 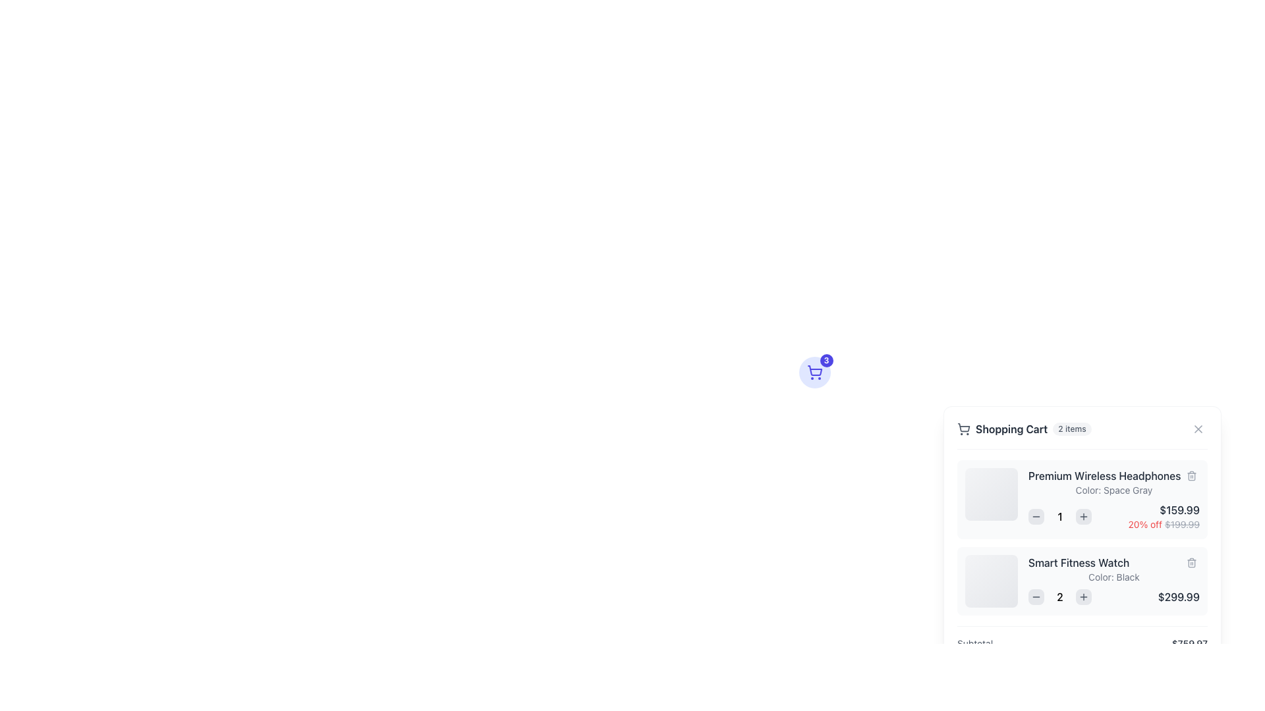 I want to click on the close button represented as an 'X' shape, so click(x=1198, y=429).